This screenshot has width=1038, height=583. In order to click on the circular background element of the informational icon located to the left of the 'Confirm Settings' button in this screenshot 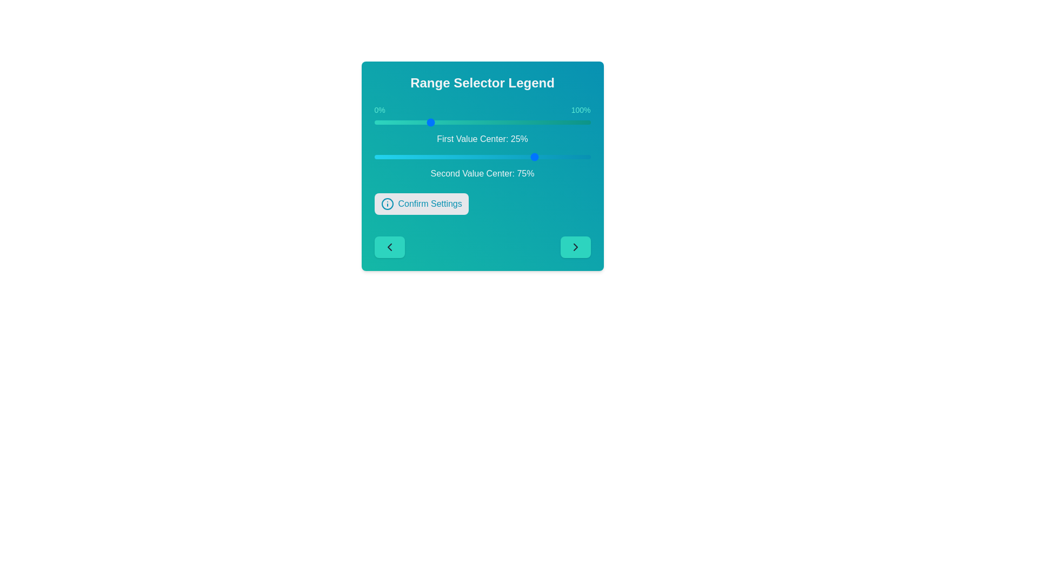, I will do `click(387, 204)`.